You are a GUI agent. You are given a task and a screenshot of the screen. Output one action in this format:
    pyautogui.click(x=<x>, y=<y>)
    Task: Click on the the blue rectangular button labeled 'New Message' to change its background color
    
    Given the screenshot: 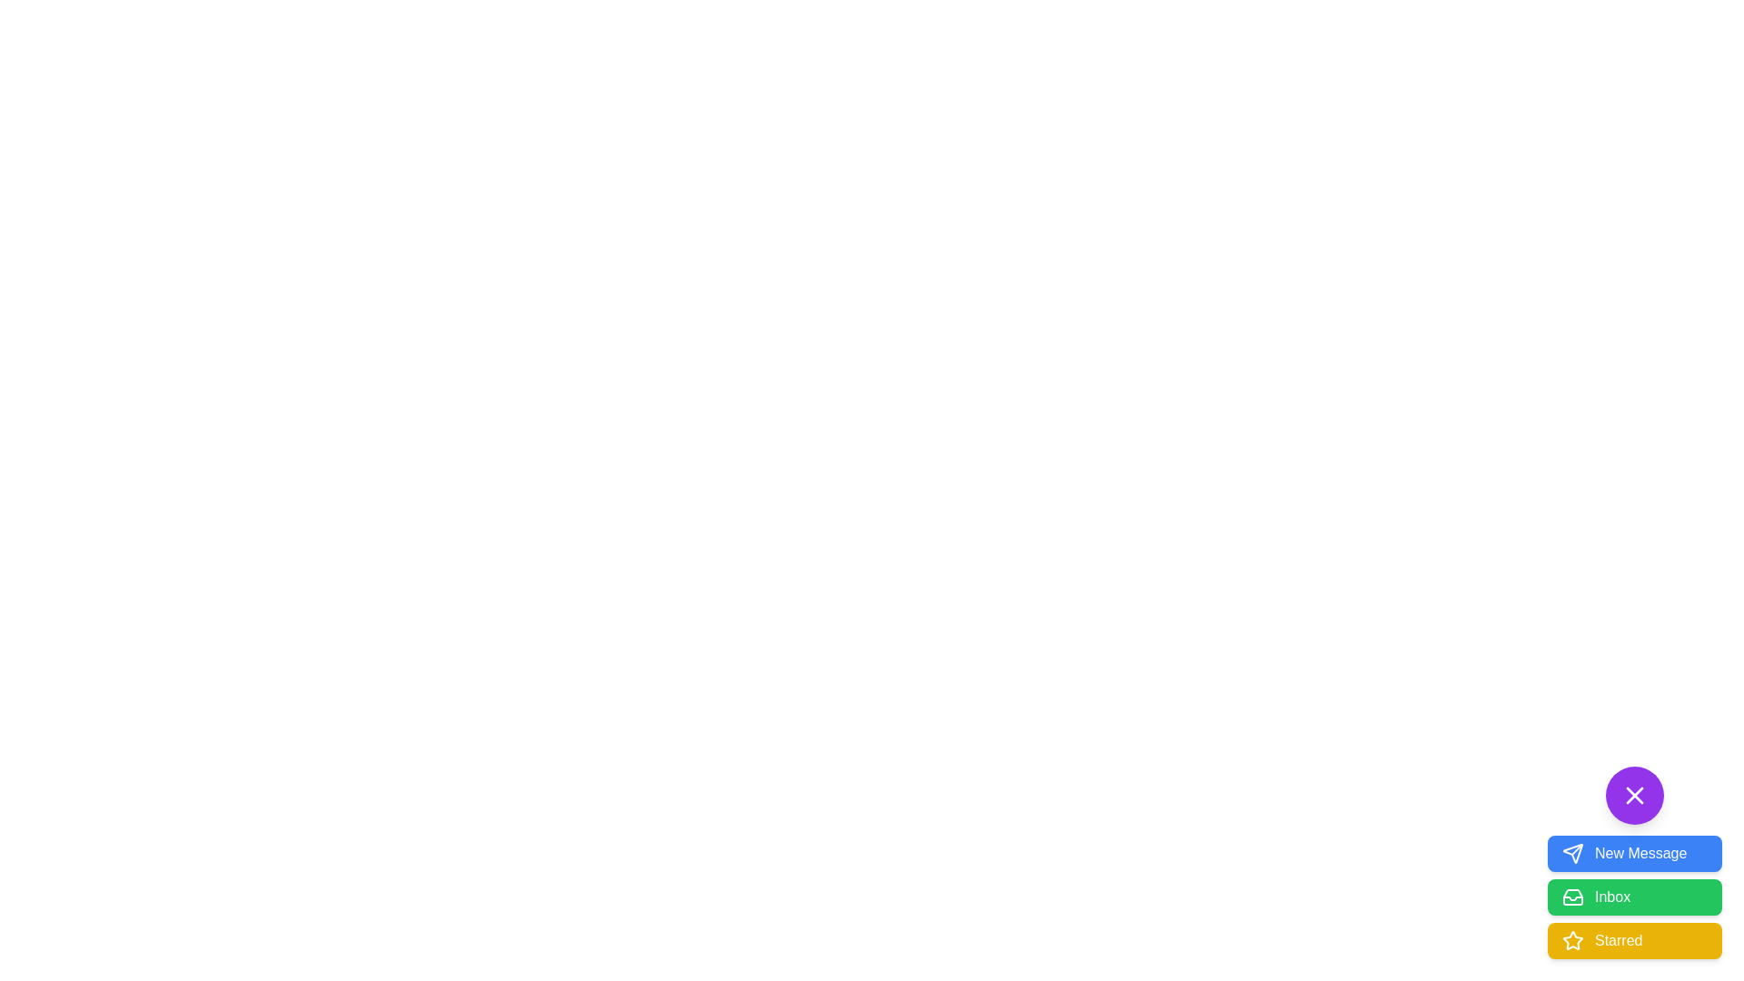 What is the action you would take?
    pyautogui.click(x=1635, y=861)
    